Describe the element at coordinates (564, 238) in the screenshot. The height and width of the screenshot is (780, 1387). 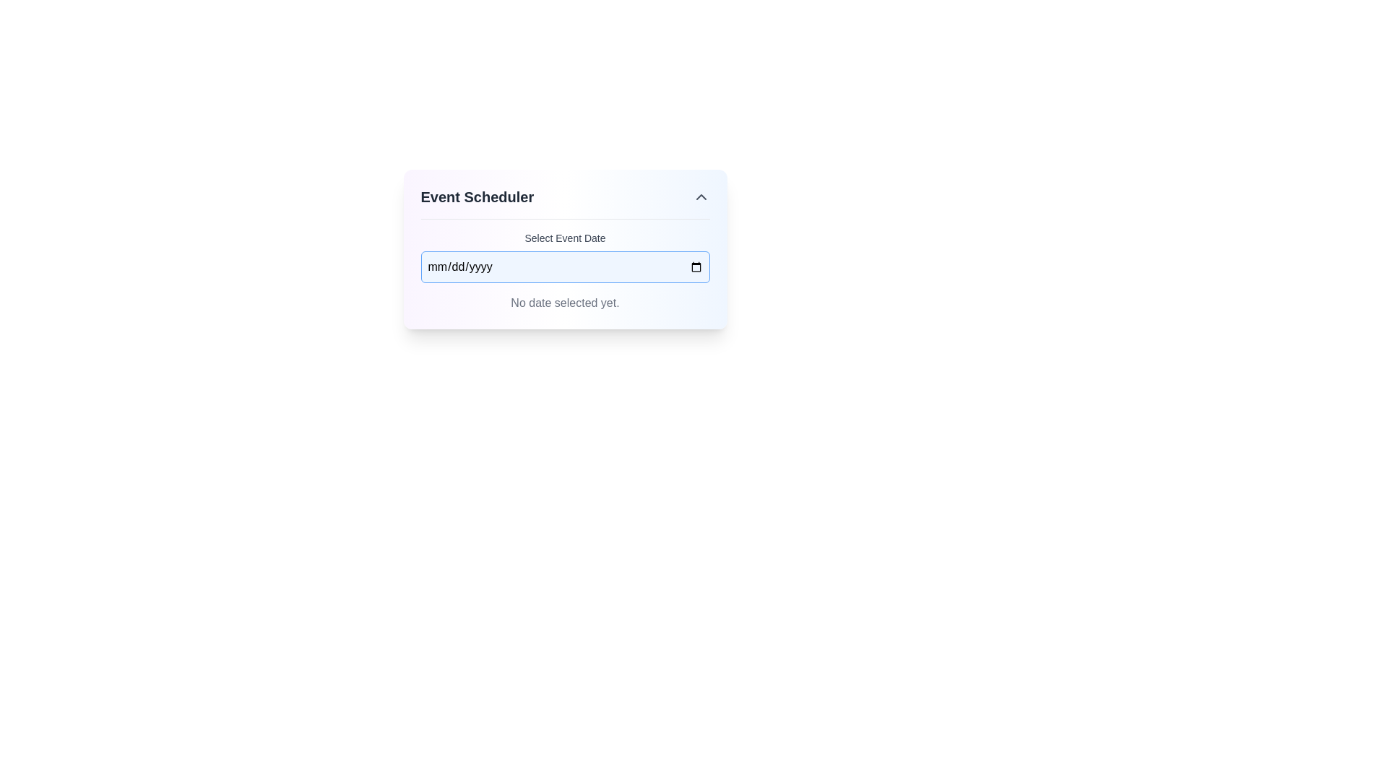
I see `the 'Select Event Date' label` at that location.